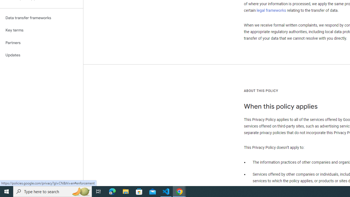  Describe the element at coordinates (41, 30) in the screenshot. I see `'Key terms'` at that location.